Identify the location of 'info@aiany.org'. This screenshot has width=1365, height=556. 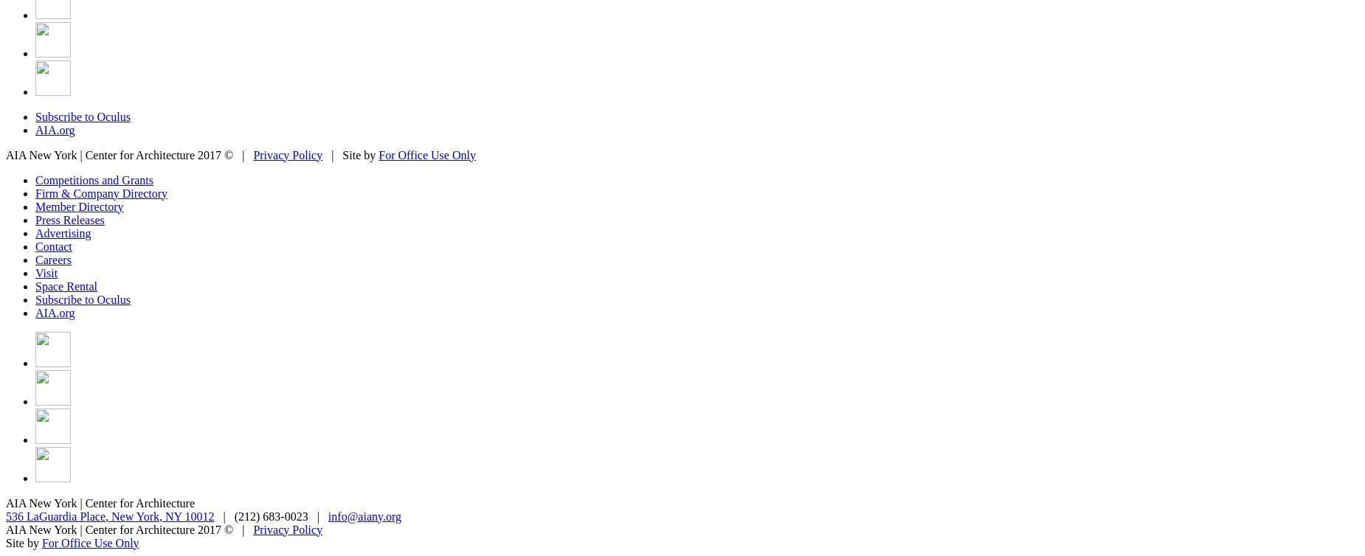
(364, 515).